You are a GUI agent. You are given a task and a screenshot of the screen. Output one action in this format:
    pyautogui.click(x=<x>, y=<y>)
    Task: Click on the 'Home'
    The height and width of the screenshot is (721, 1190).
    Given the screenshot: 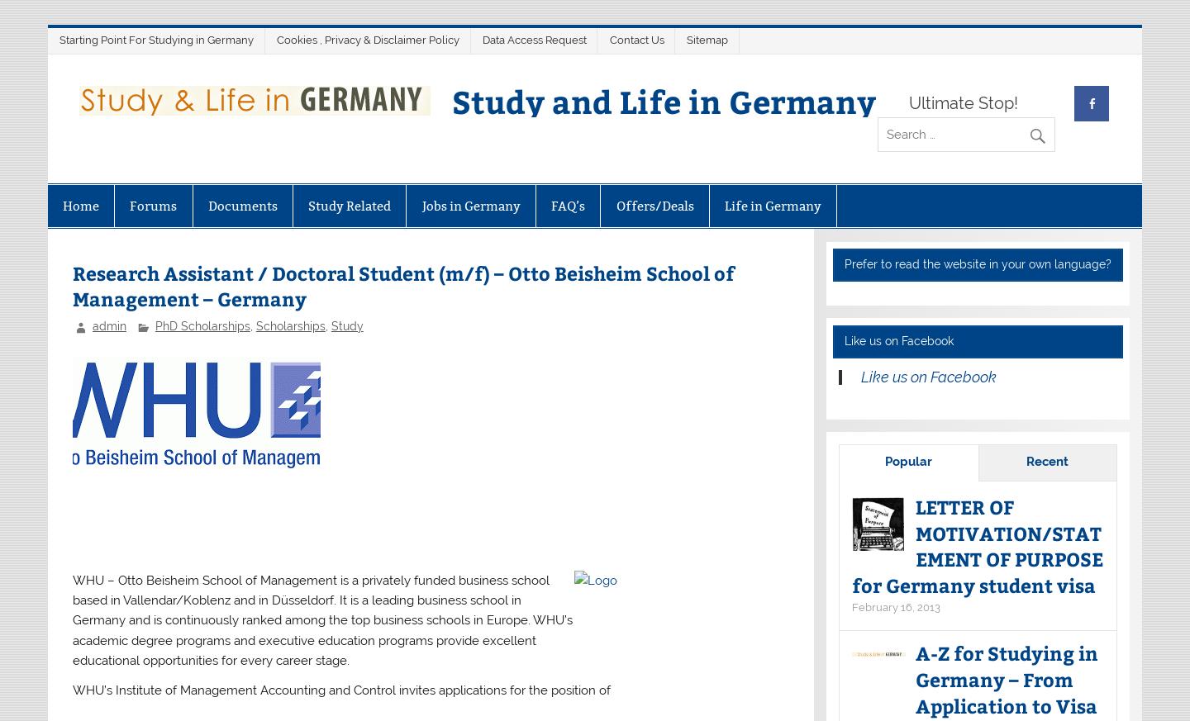 What is the action you would take?
    pyautogui.click(x=80, y=204)
    